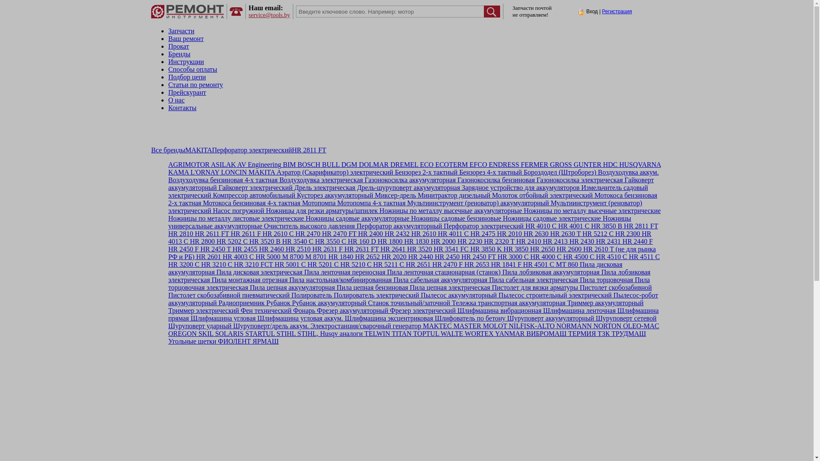 Image resolution: width=820 pixels, height=461 pixels. Describe the element at coordinates (566, 264) in the screenshot. I see `'MT 860'` at that location.